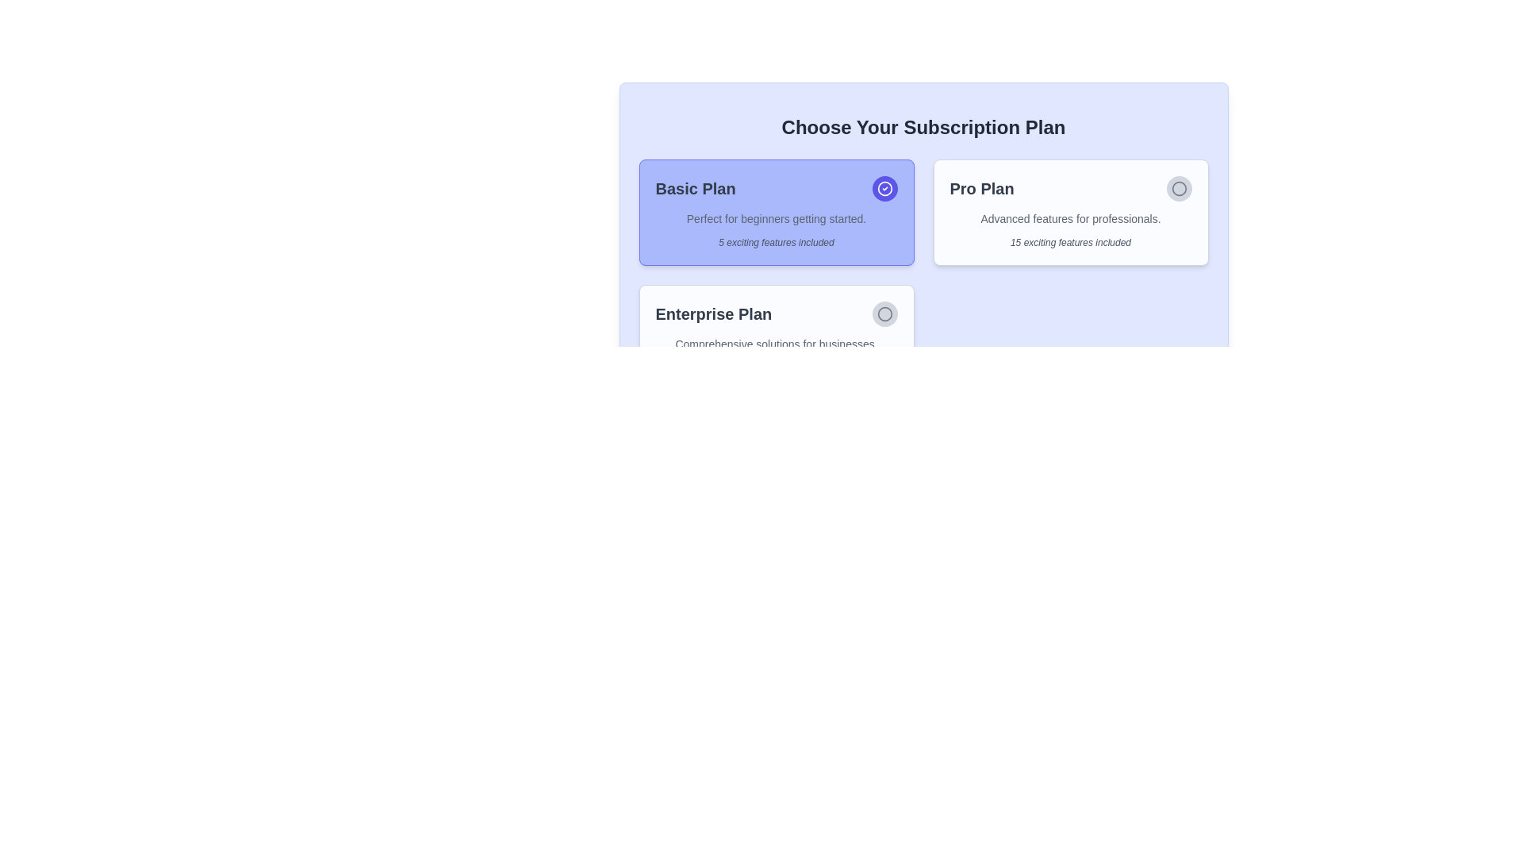 Image resolution: width=1523 pixels, height=857 pixels. What do you see at coordinates (1179, 188) in the screenshot?
I see `the circular icon representing the checkbox indicator in the 'Pro Plan' section, located at the top-right corner of the 'Pro Plan' card` at bounding box center [1179, 188].